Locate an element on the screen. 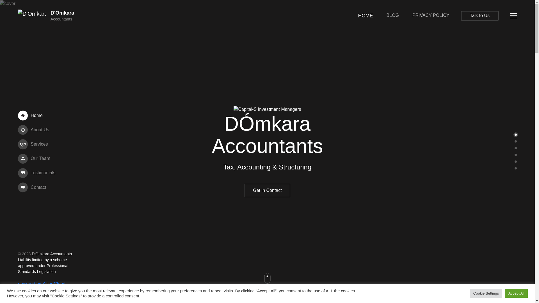  'PRIVACY POLICY' is located at coordinates (431, 15).